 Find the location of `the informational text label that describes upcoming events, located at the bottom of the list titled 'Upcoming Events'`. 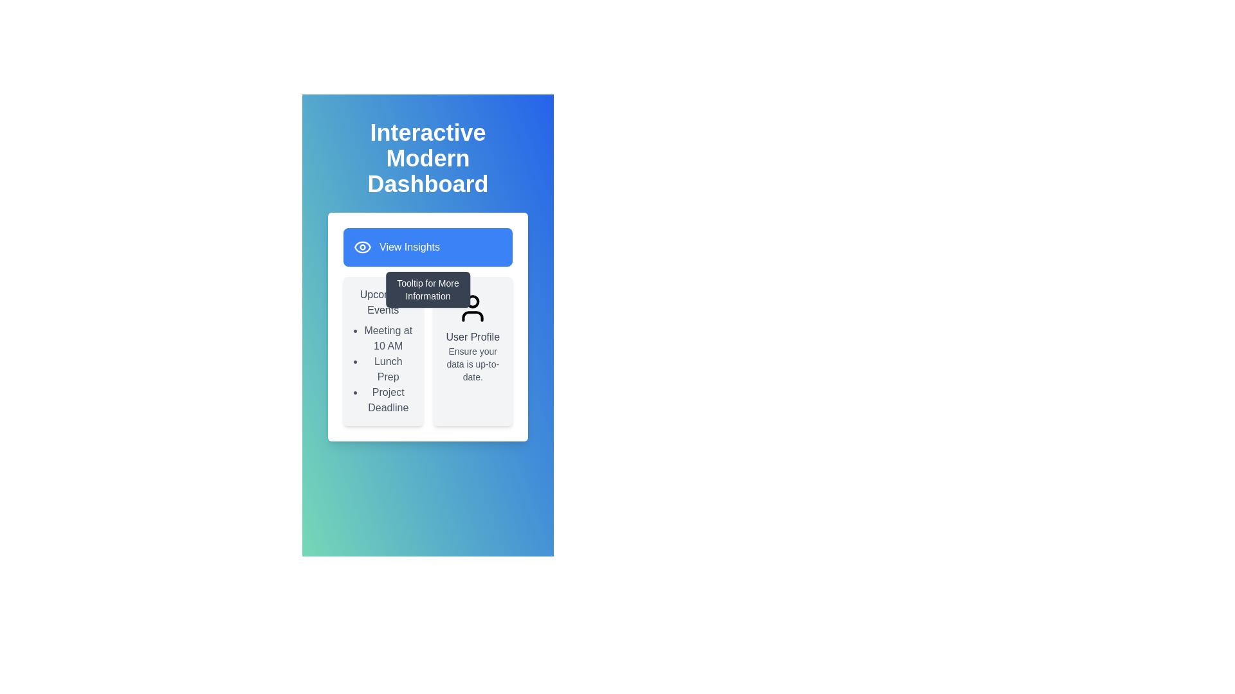

the informational text label that describes upcoming events, located at the bottom of the list titled 'Upcoming Events' is located at coordinates (387, 400).